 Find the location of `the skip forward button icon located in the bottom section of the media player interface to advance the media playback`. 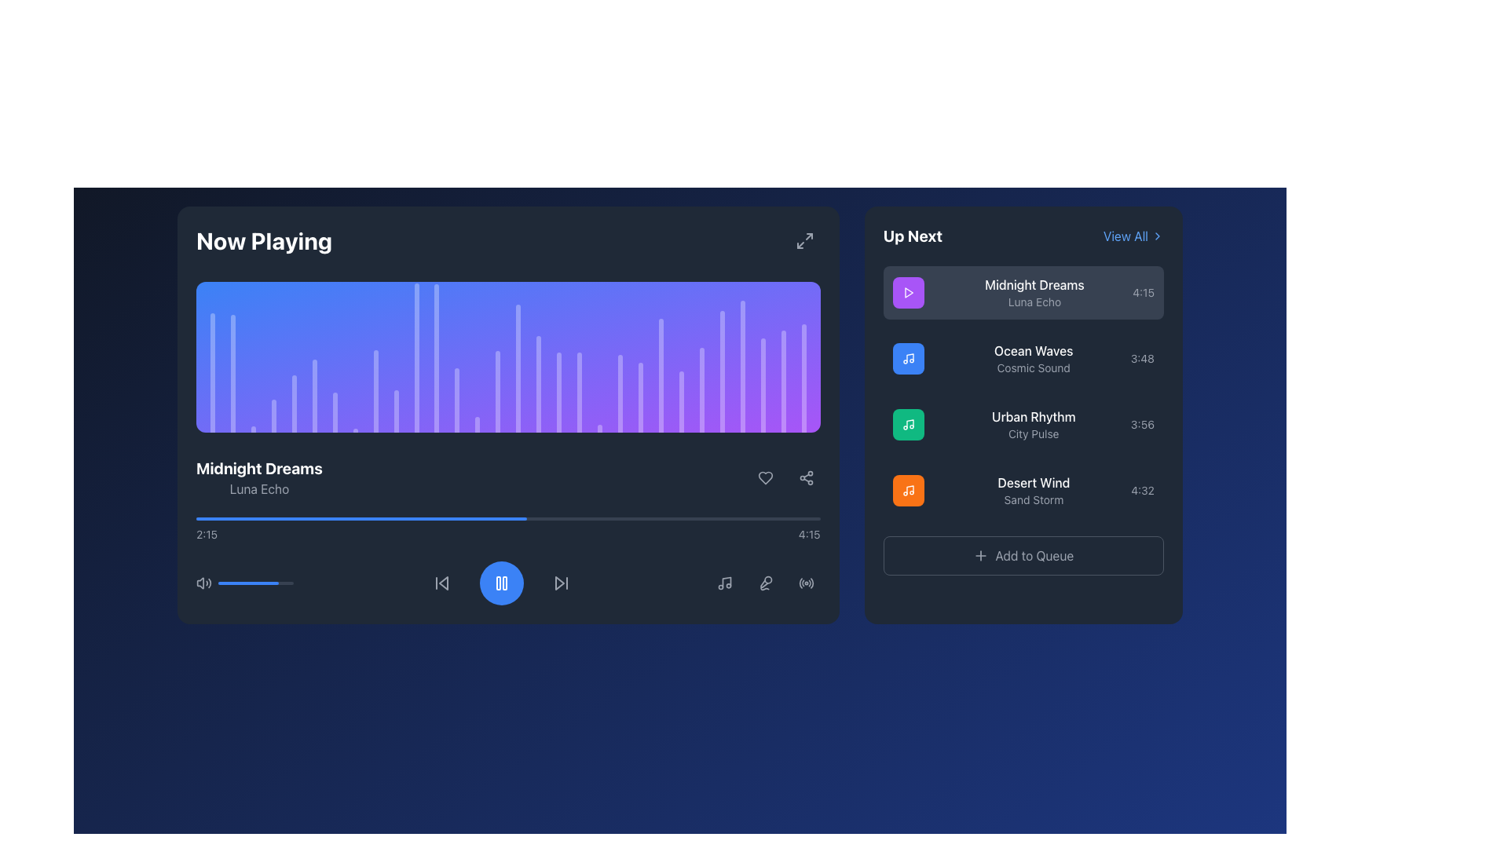

the skip forward button icon located in the bottom section of the media player interface to advance the media playback is located at coordinates (562, 583).